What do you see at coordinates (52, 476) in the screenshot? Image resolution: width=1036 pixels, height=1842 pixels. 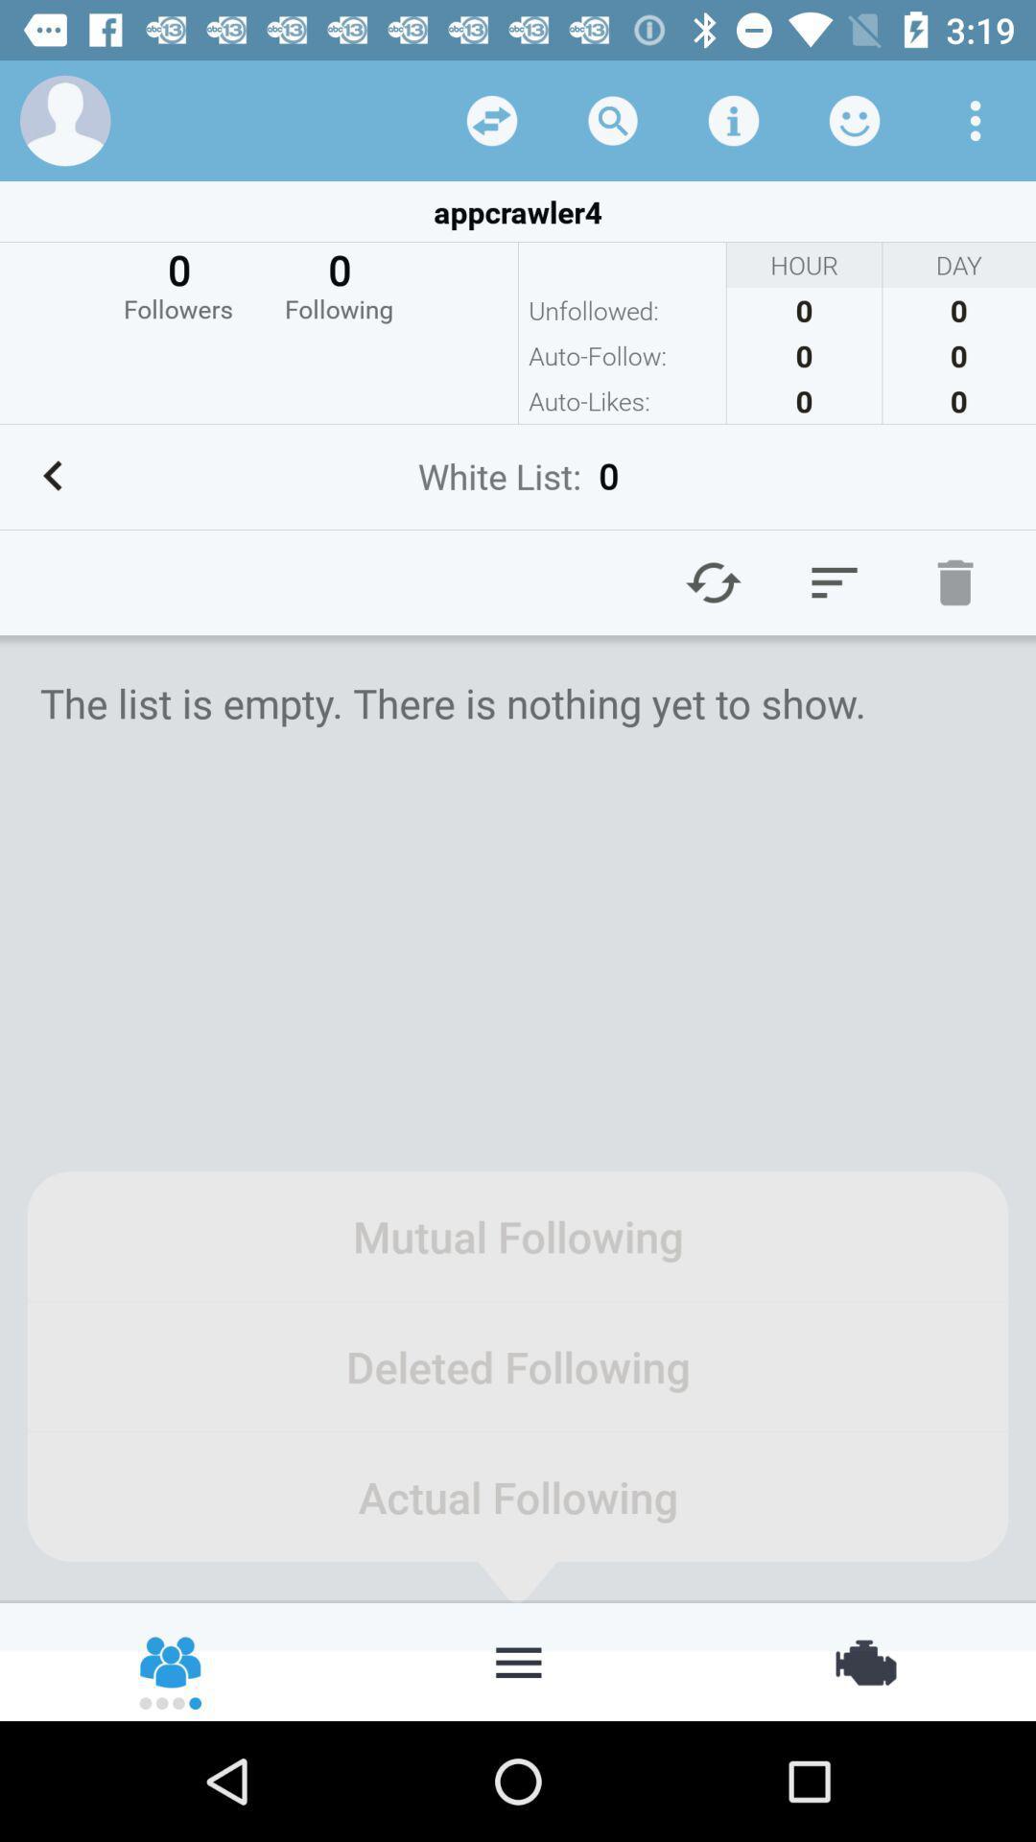 I see `backwart` at bounding box center [52, 476].